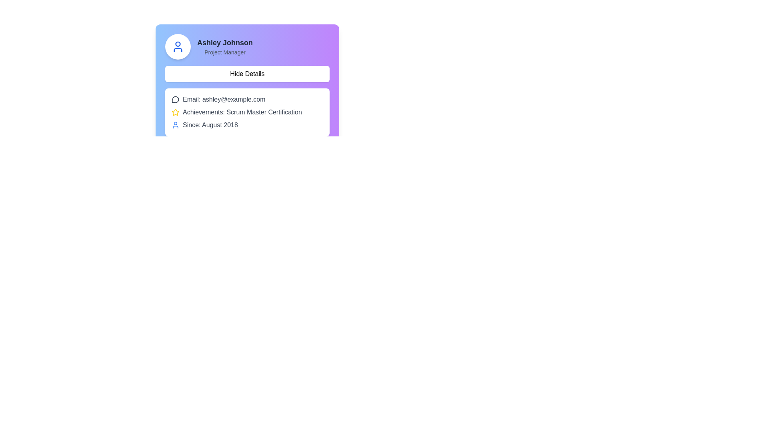 The image size is (768, 432). Describe the element at coordinates (175, 112) in the screenshot. I see `the purpose of the yellow star-shaped icon with a hollow center, which is located next to the 'Achievements: Scrum Master Certification' label` at that location.